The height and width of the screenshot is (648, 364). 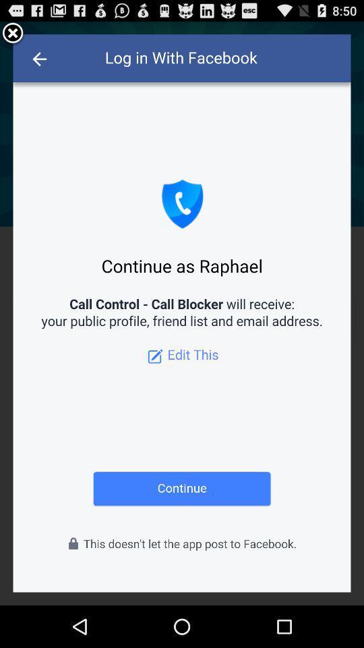 What do you see at coordinates (12, 33) in the screenshot?
I see `close` at bounding box center [12, 33].